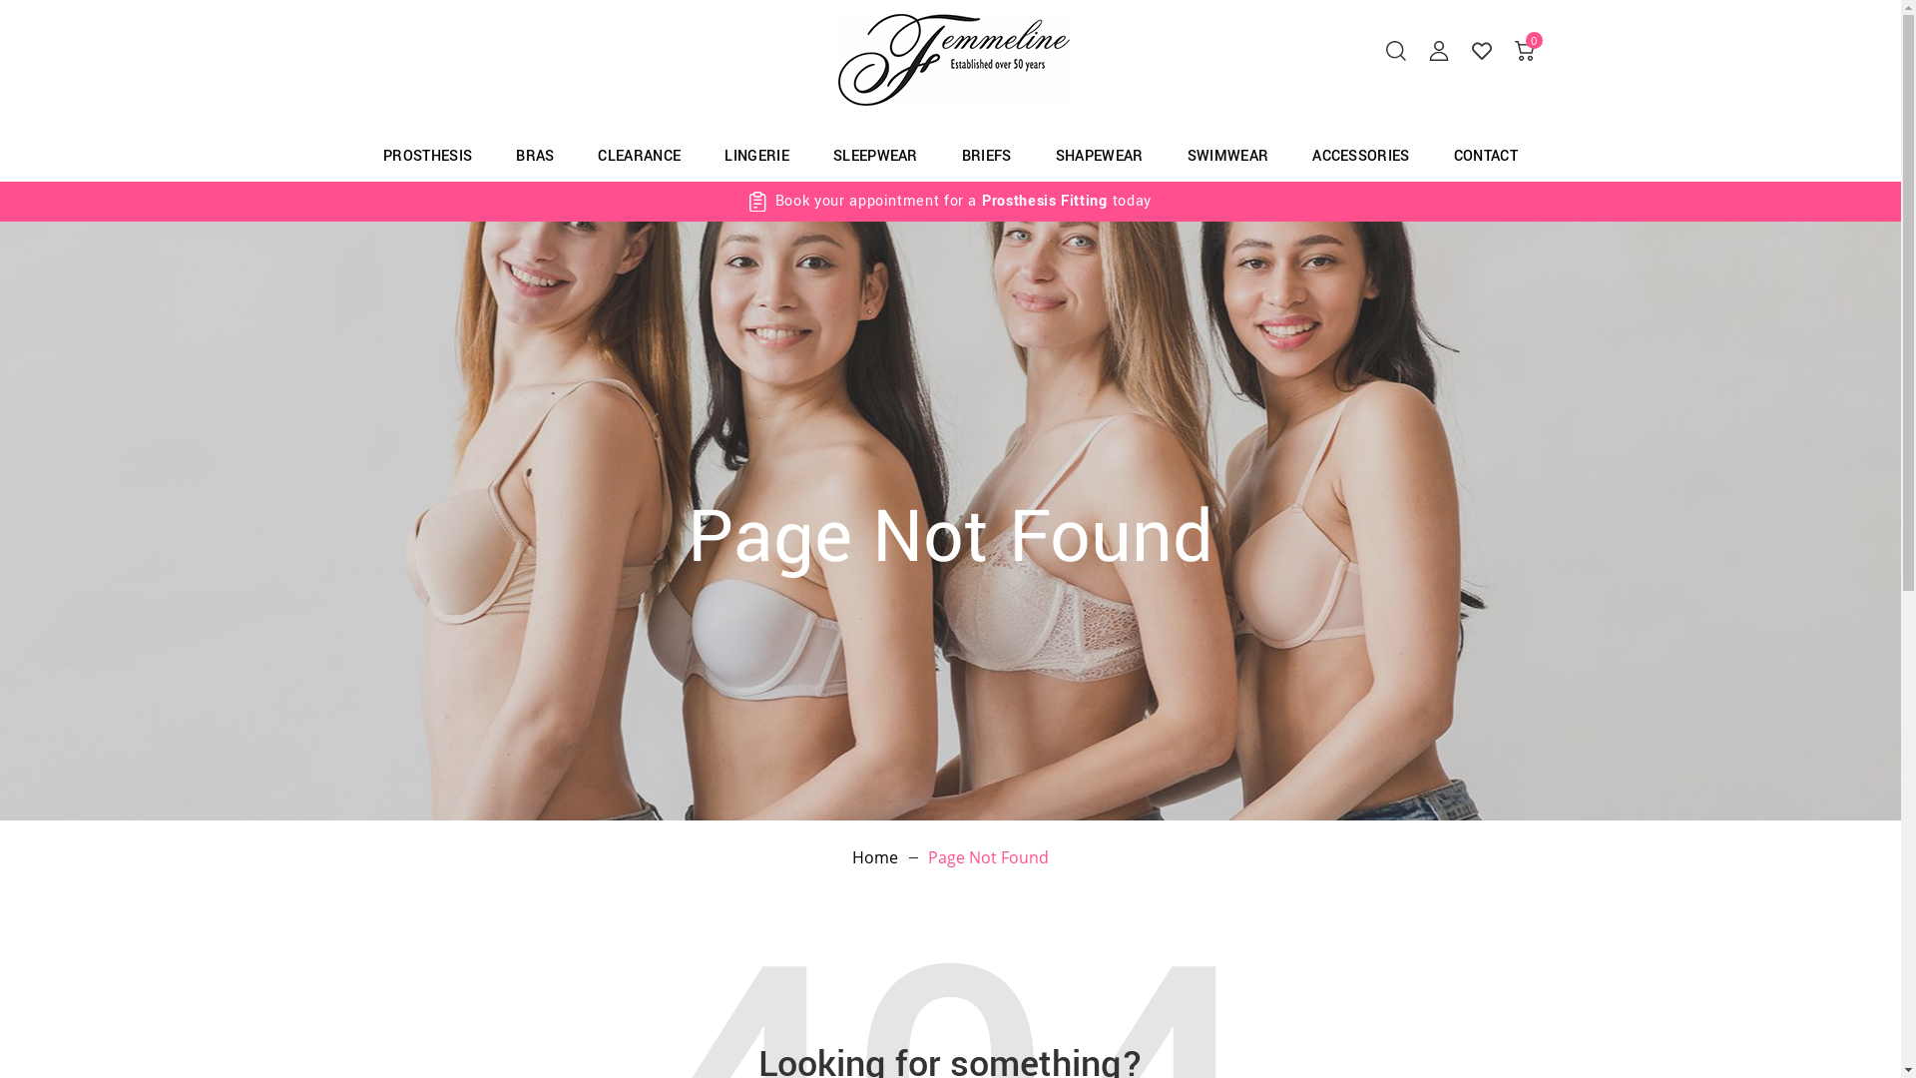 The image size is (1916, 1078). Describe the element at coordinates (876, 201) in the screenshot. I see `'Book your appointment for a'` at that location.